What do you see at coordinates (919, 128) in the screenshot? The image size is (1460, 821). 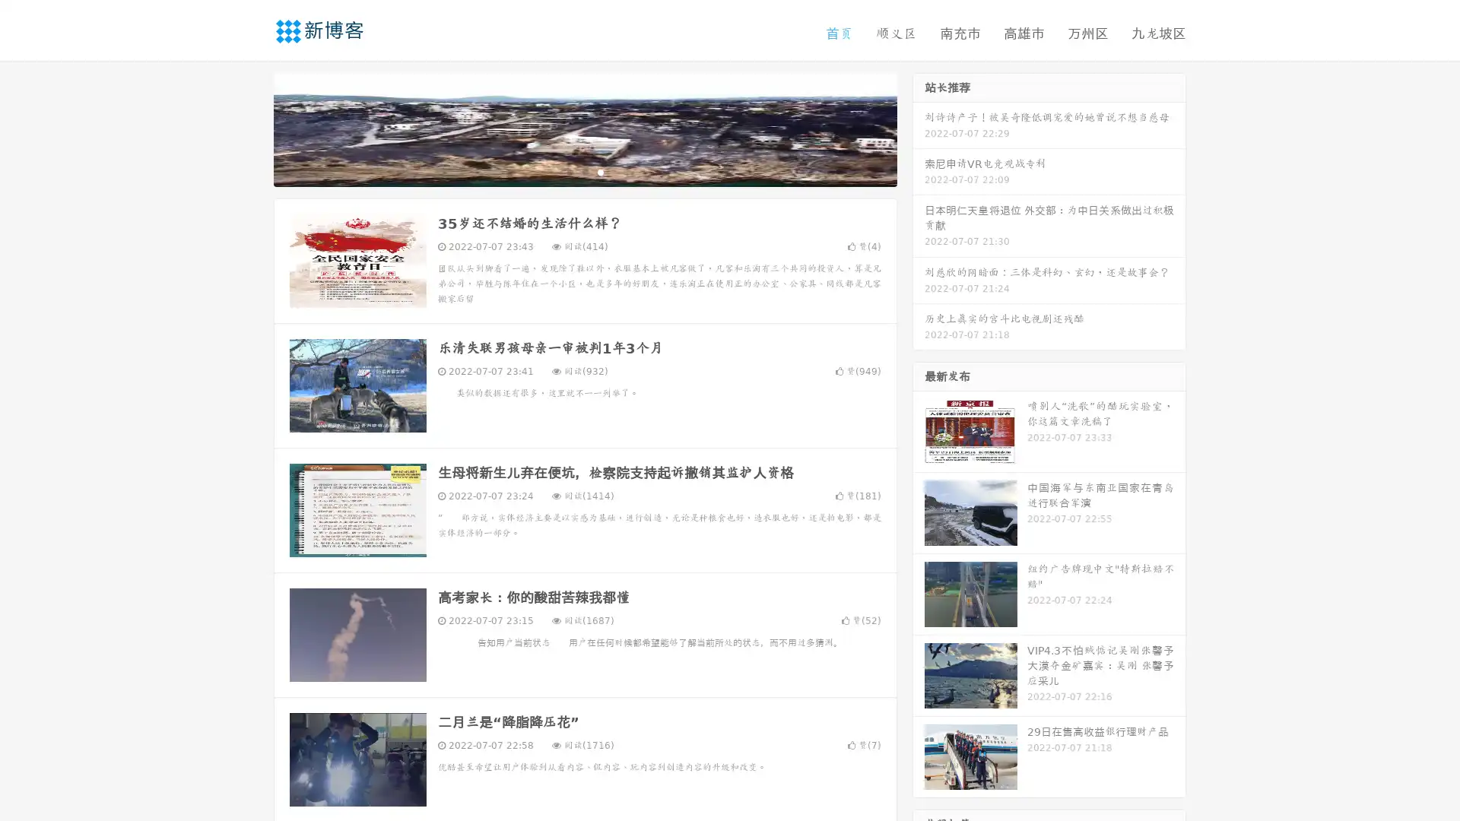 I see `Next slide` at bounding box center [919, 128].